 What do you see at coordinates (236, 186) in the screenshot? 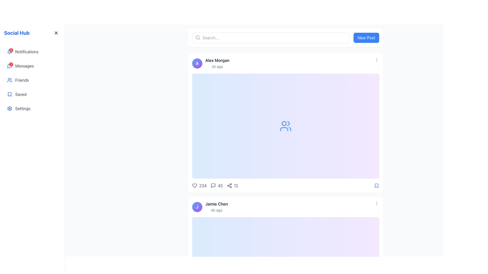
I see `the numeric text '12' that is styled with a standard sans-serif font and positioned to the right of a share icon at the bottom right area of the post card` at bounding box center [236, 186].